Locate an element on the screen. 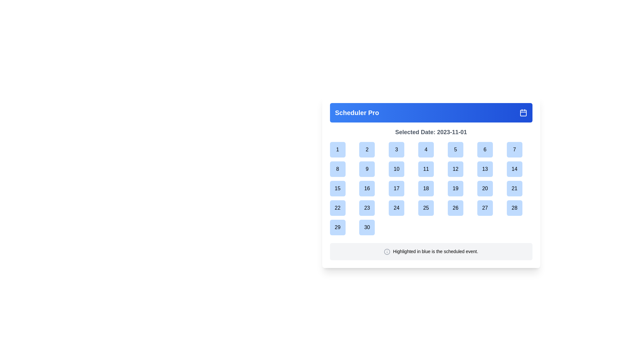 The image size is (623, 350). the button representing the 22nd day in the monthly calendar view is located at coordinates (337, 208).